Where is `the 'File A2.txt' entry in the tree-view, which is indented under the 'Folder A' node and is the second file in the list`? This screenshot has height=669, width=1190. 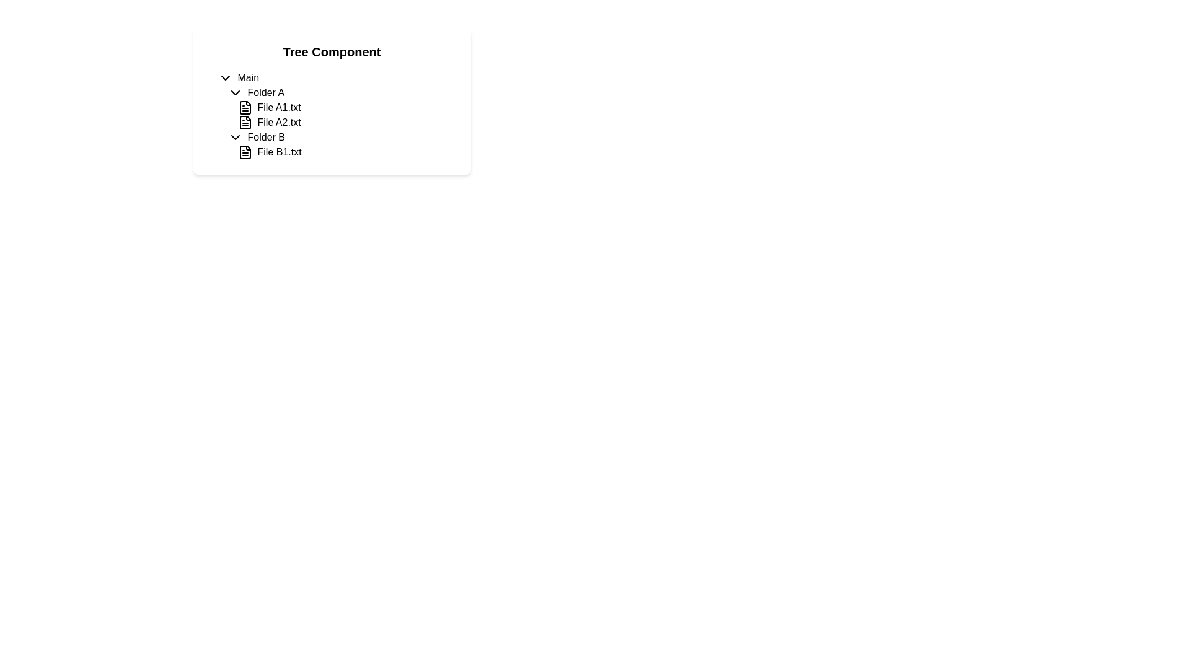 the 'File A2.txt' entry in the tree-view, which is indented under the 'Folder A' node and is the second file in the list is located at coordinates (332, 115).